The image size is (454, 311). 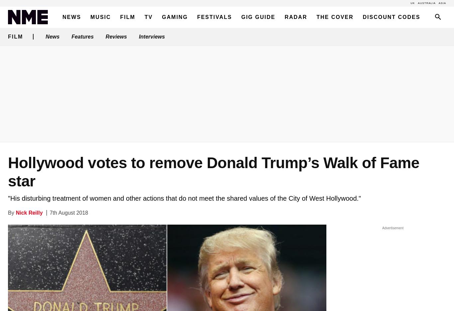 What do you see at coordinates (116, 36) in the screenshot?
I see `'Reviews'` at bounding box center [116, 36].